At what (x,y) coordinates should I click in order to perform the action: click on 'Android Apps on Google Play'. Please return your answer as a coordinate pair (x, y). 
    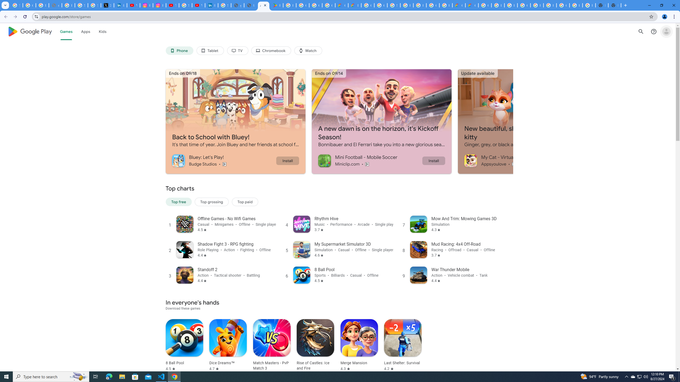
    Looking at the image, I should click on (263, 5).